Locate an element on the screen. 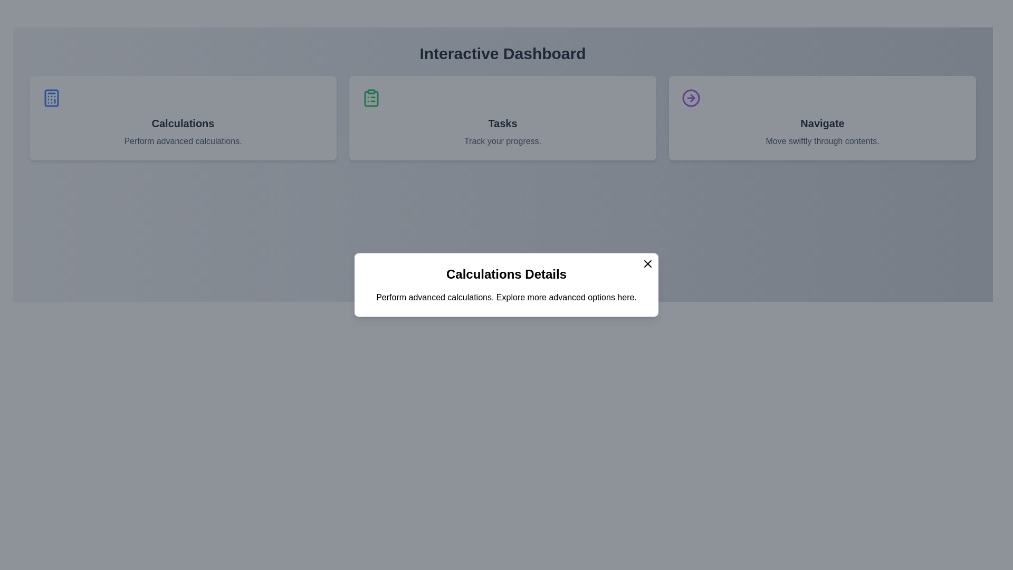  the small green clipboard icon within the 'Tasks' card, which is located at the top-left corner of the card is located at coordinates (371, 98).